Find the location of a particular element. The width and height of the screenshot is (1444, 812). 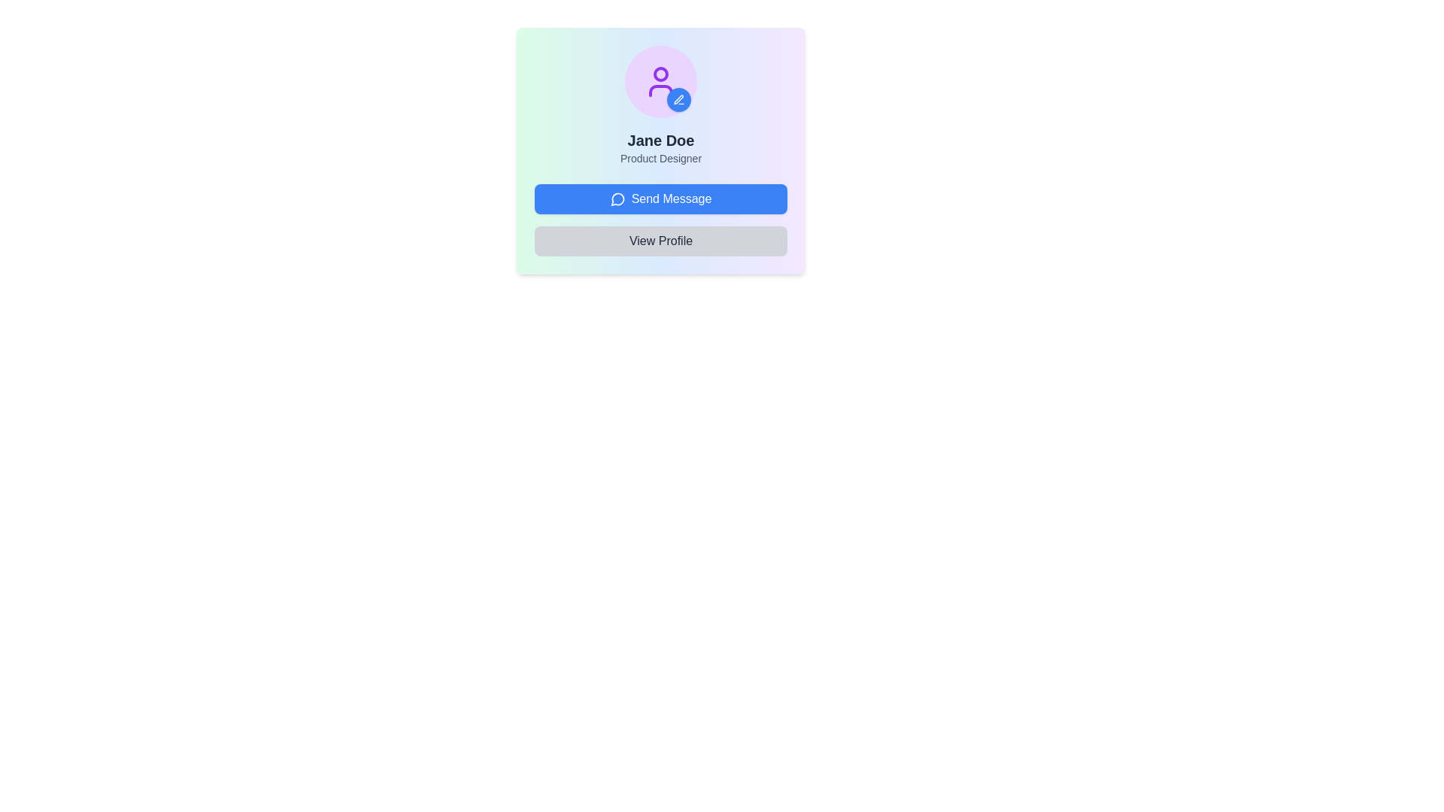

the SVG user profile icon, which is a circular shape with a purple color scheme, located at the top section of the card above the user's name and title is located at coordinates (660, 81).